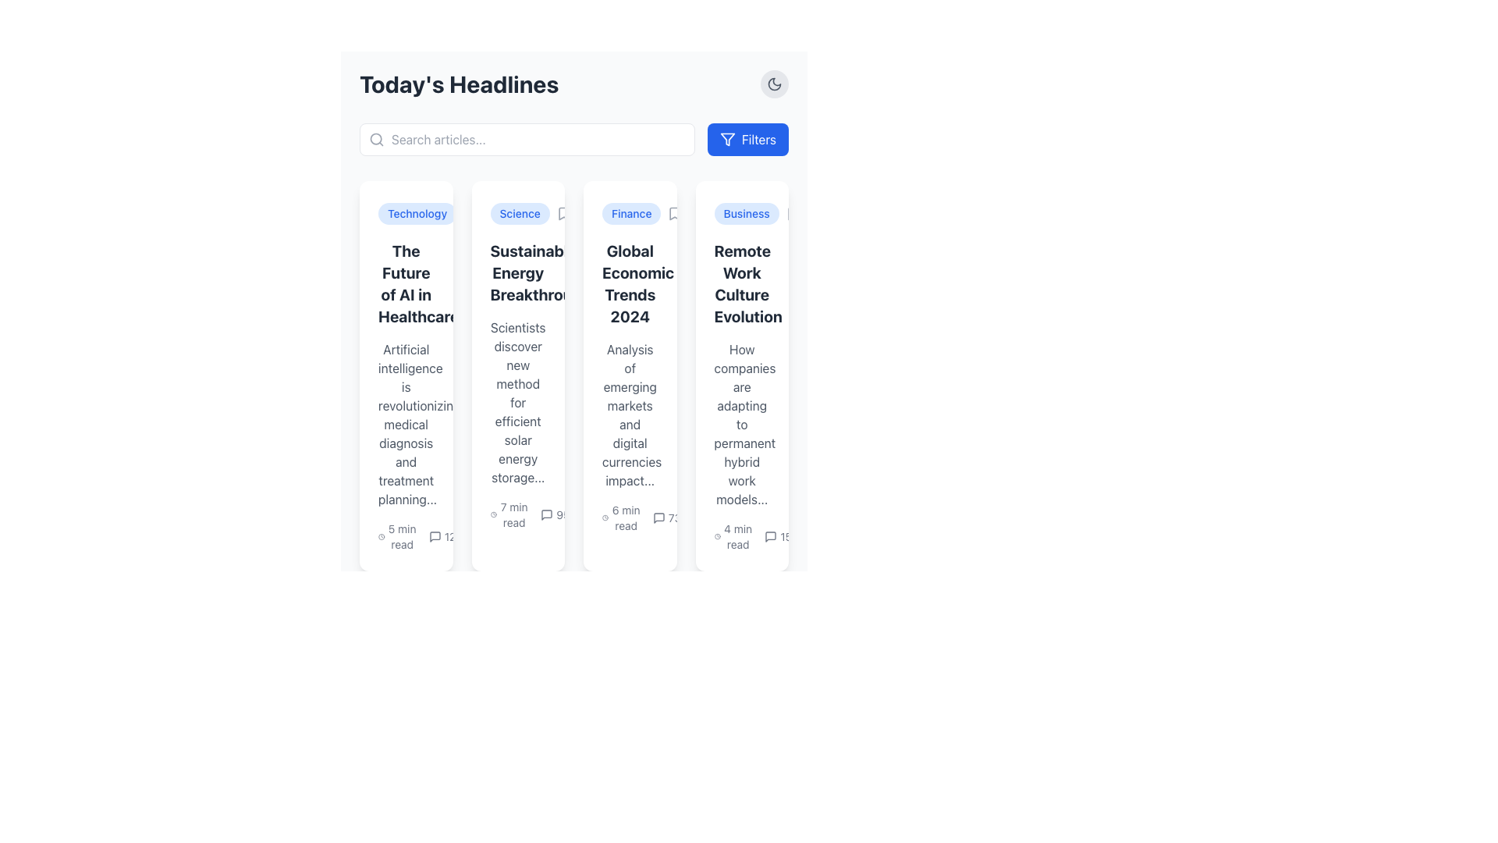 This screenshot has width=1498, height=843. I want to click on the visual presence of the circular part of the magnifying glass icon located on the left side of the search bar, below the 'Today's Headlines' header, so click(376, 138).